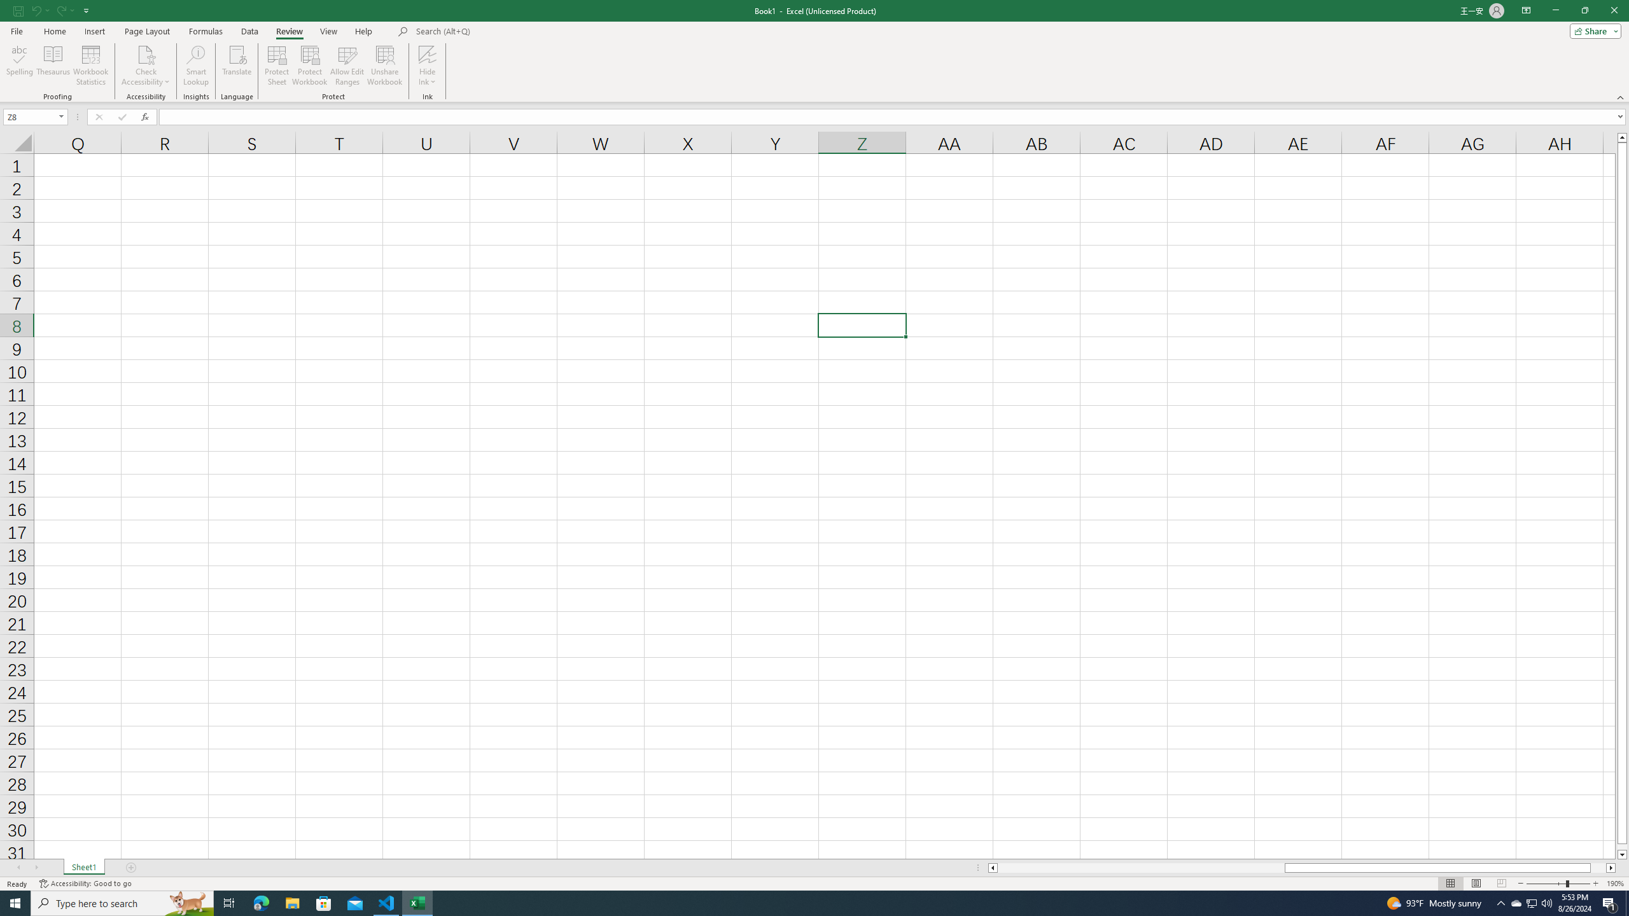  What do you see at coordinates (384, 66) in the screenshot?
I see `'Unshare Workbook'` at bounding box center [384, 66].